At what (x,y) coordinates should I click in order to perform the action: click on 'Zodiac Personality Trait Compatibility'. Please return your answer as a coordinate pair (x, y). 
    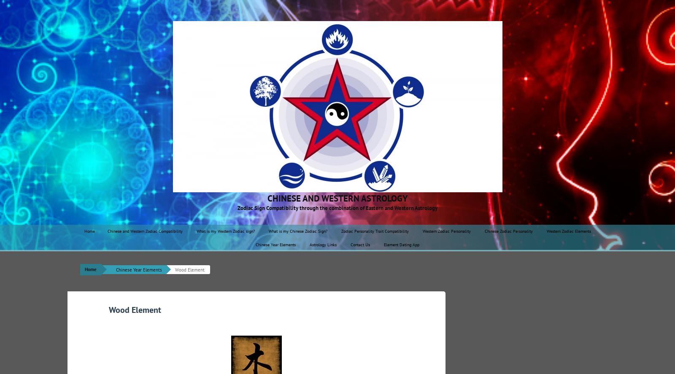
    Looking at the image, I should click on (374, 231).